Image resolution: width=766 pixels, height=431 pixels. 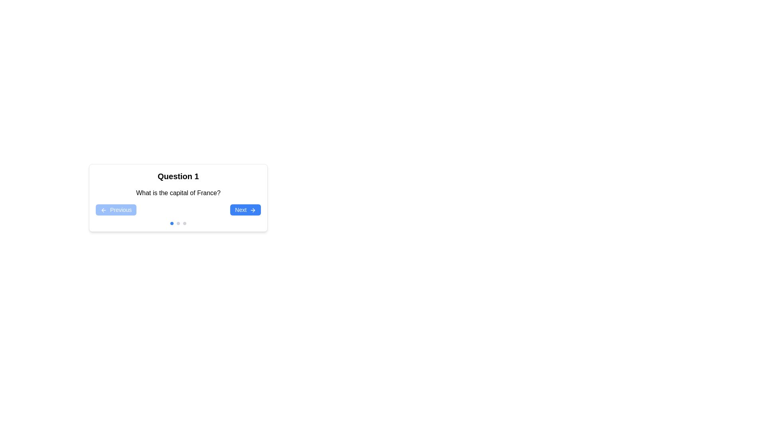 I want to click on bold, centered text that reads 'Question 1', which is positioned directly above the question text 'What is the capital of France?', so click(x=178, y=176).